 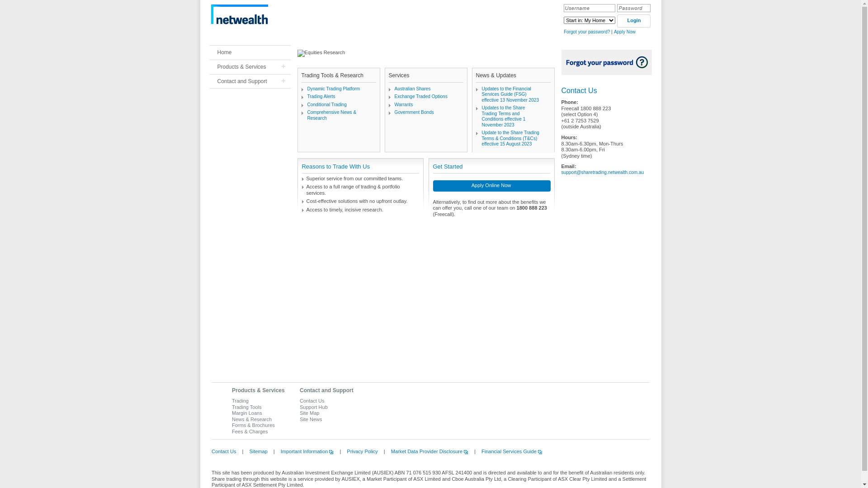 I want to click on 'Warrants', so click(x=394, y=104).